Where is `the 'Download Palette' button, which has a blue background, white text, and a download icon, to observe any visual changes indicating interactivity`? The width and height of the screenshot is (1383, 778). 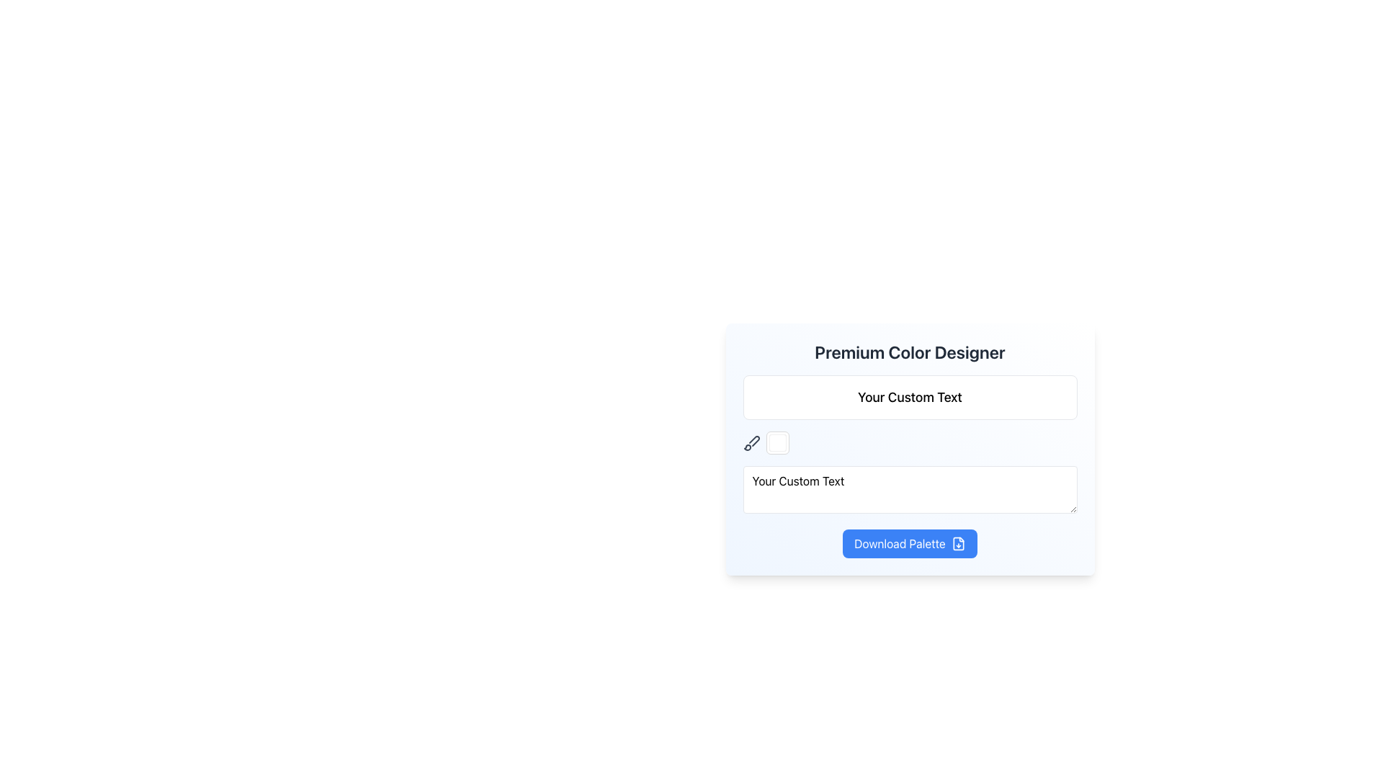 the 'Download Palette' button, which has a blue background, white text, and a download icon, to observe any visual changes indicating interactivity is located at coordinates (909, 544).